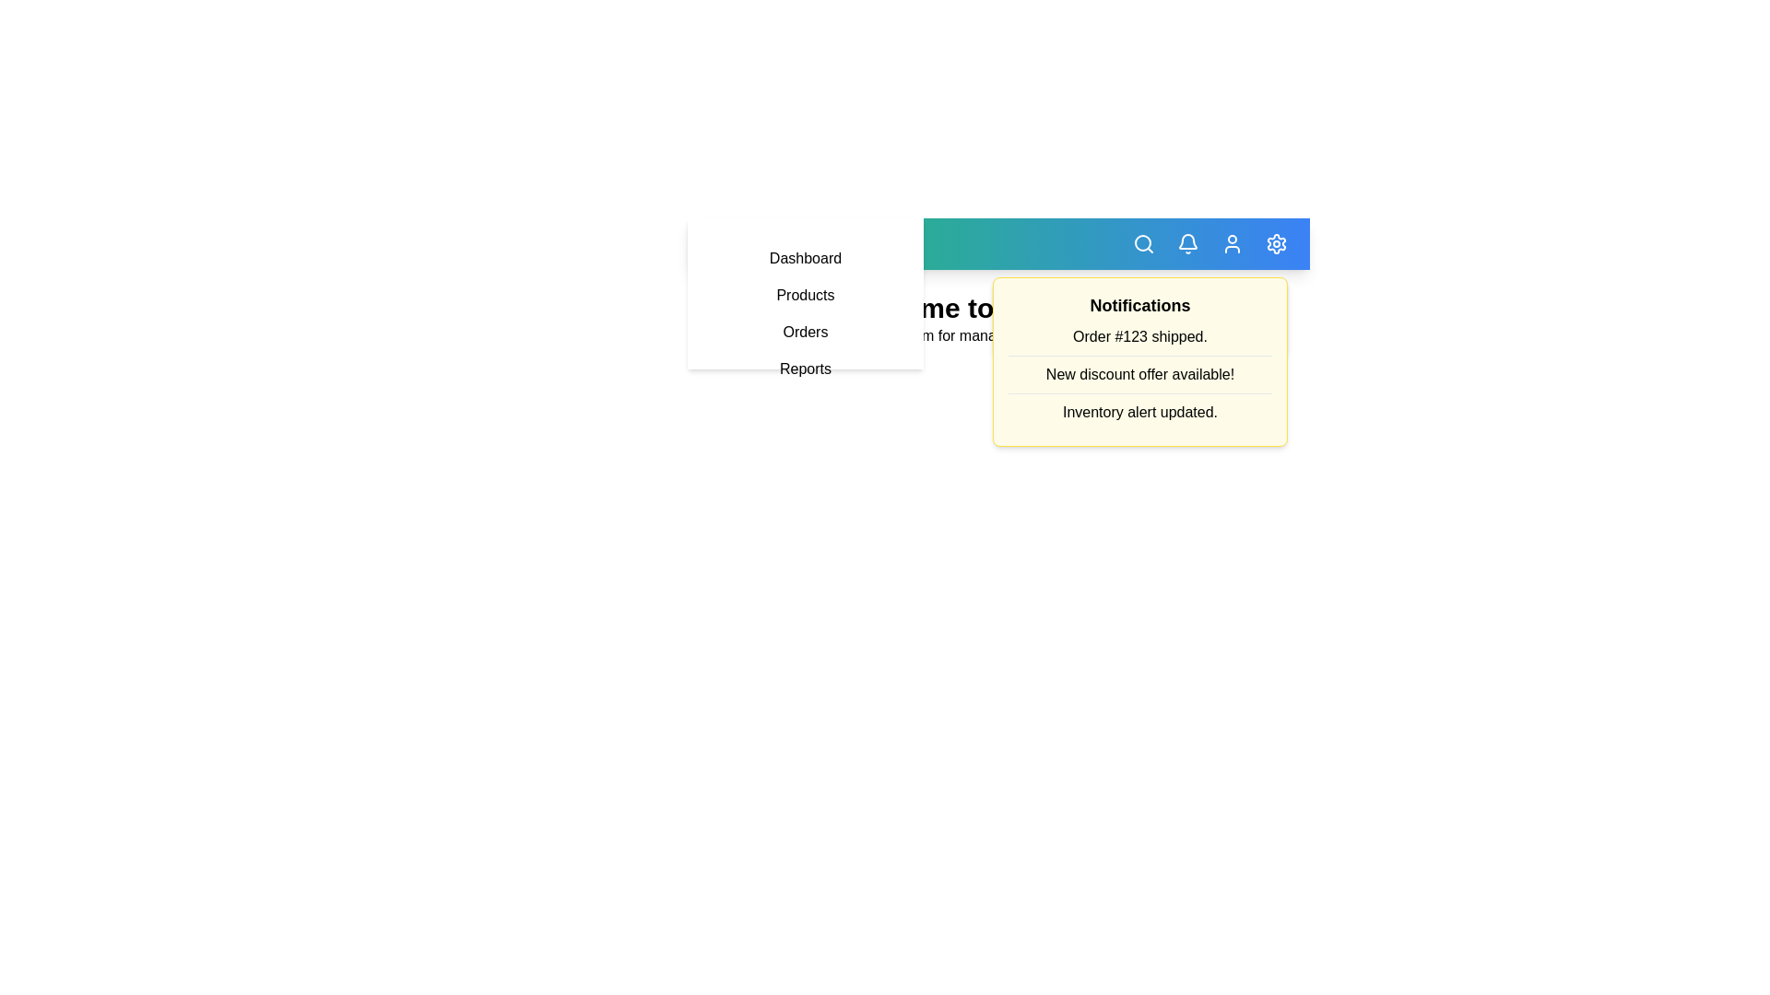  Describe the element at coordinates (1143, 243) in the screenshot. I see `the search icon, which is a magnifying glass with a blue background located in the top-right corner of the interface, to initiate a search` at that location.